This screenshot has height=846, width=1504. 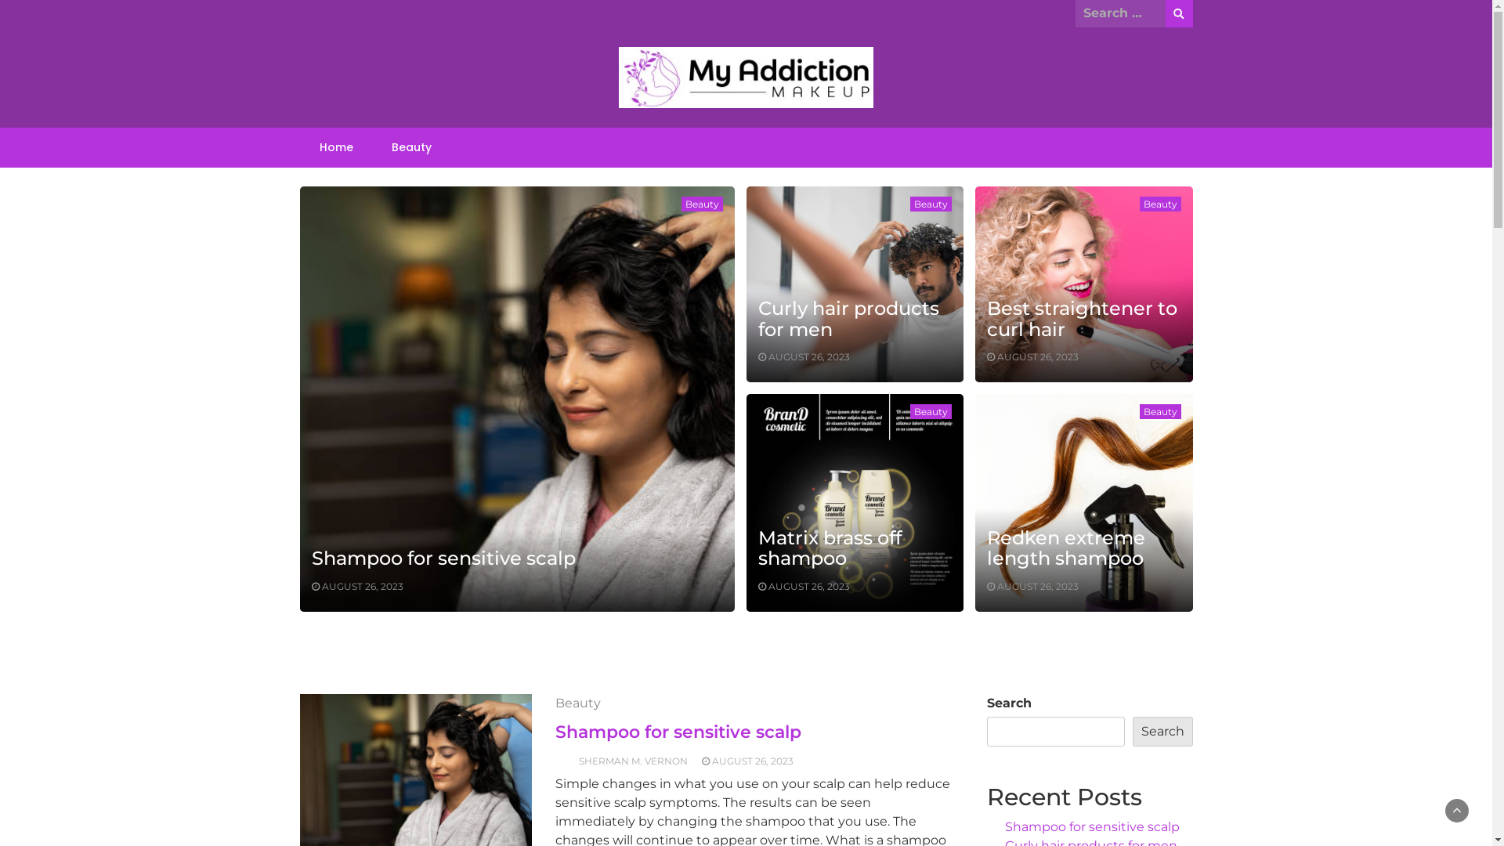 What do you see at coordinates (633, 760) in the screenshot?
I see `'SHERMAN M. VERNON'` at bounding box center [633, 760].